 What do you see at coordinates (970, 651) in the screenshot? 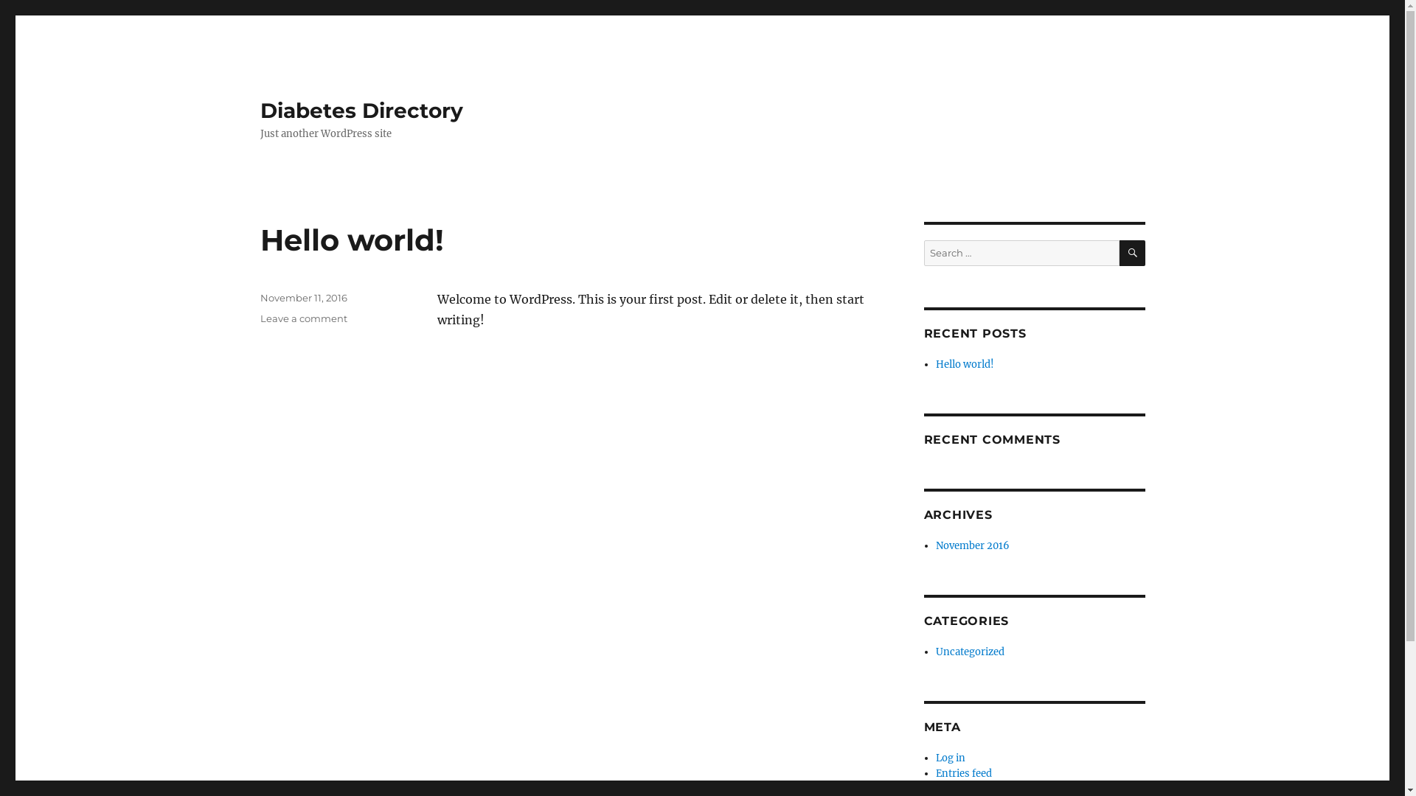
I see `'Uncategorized'` at bounding box center [970, 651].